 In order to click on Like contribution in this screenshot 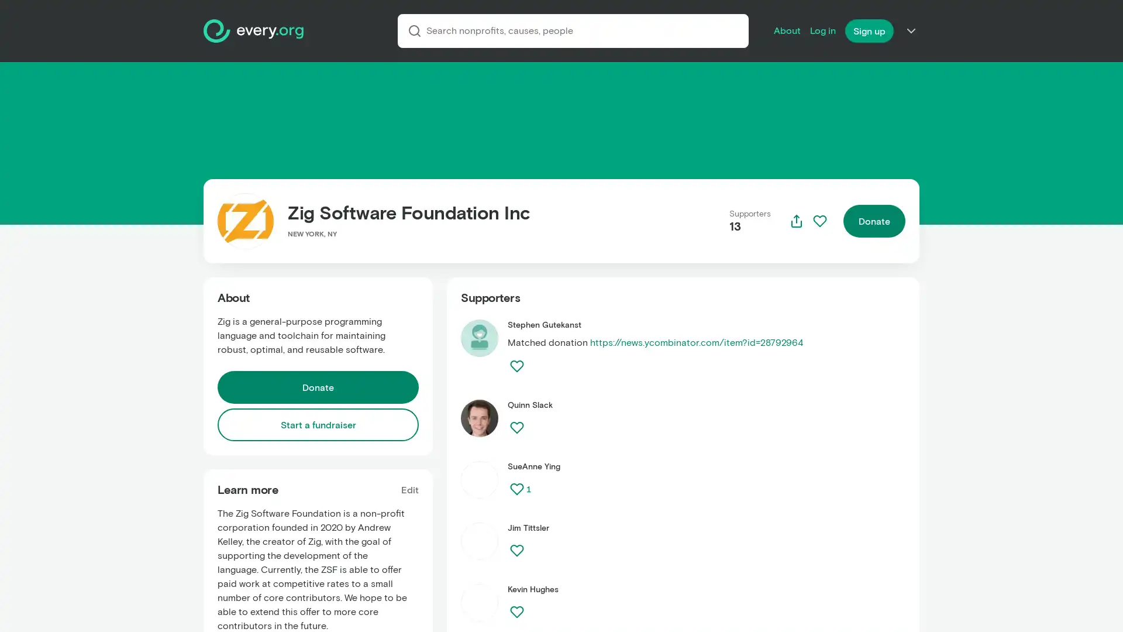, I will do `click(516, 551)`.